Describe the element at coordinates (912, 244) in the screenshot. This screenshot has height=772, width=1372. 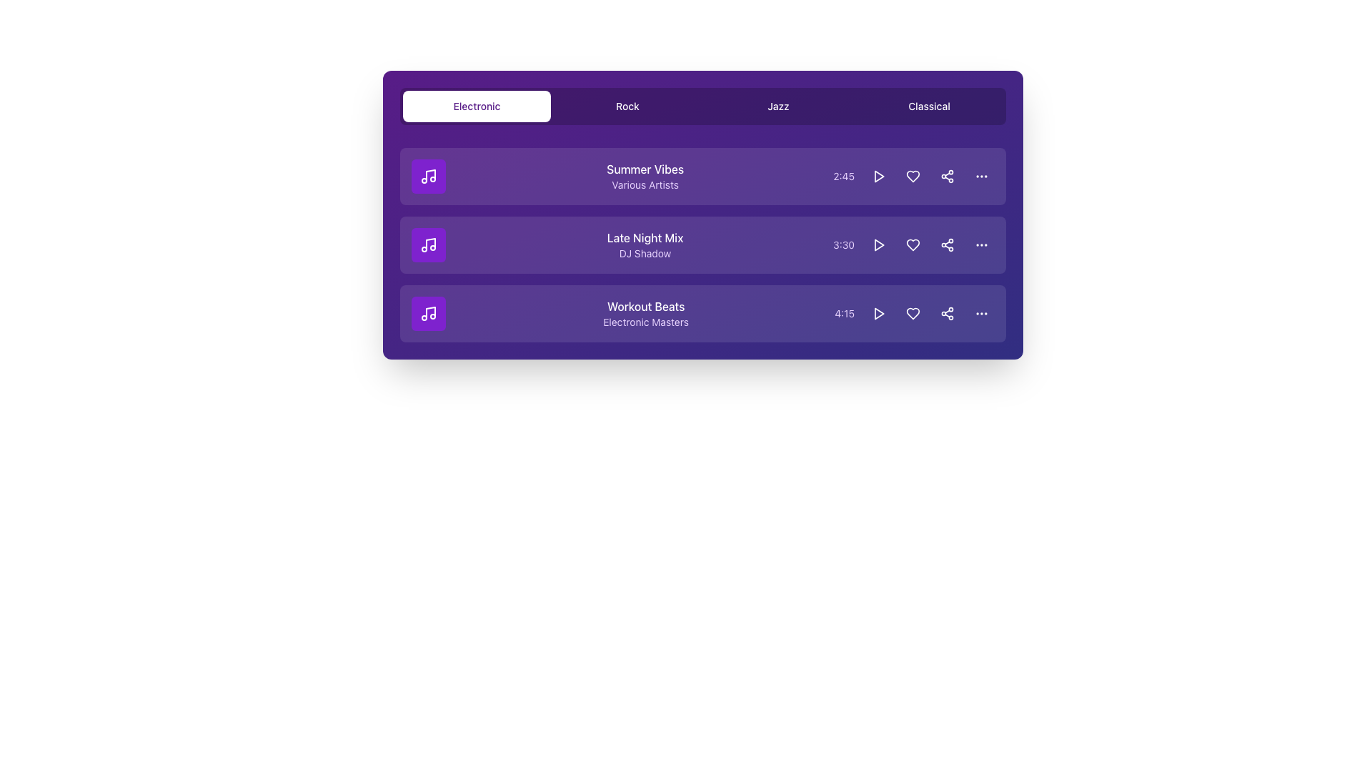
I see `the heart-shaped 'like' button outlined in white, which is the second icon from the left in the horizontal controls for the 'Late Night Mix' track row` at that location.